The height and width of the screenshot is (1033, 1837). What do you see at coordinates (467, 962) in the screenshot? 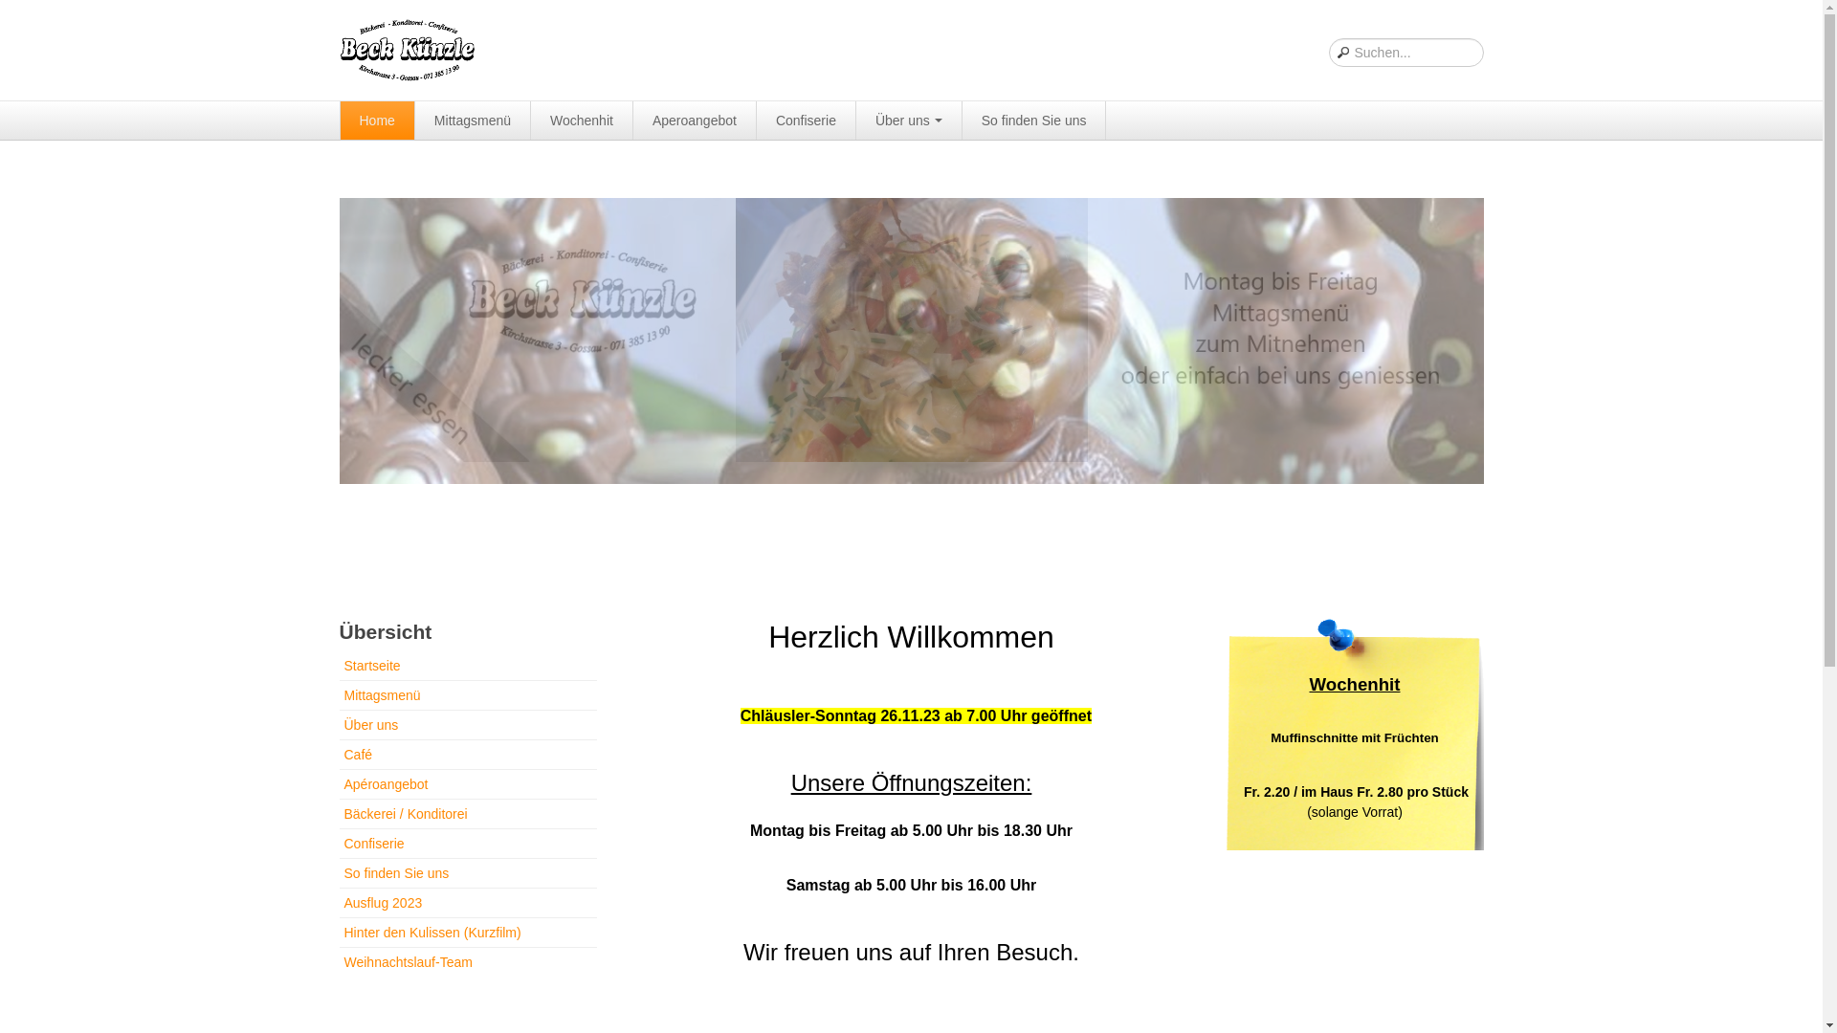
I see `'Weihnachtslauf-Team'` at bounding box center [467, 962].